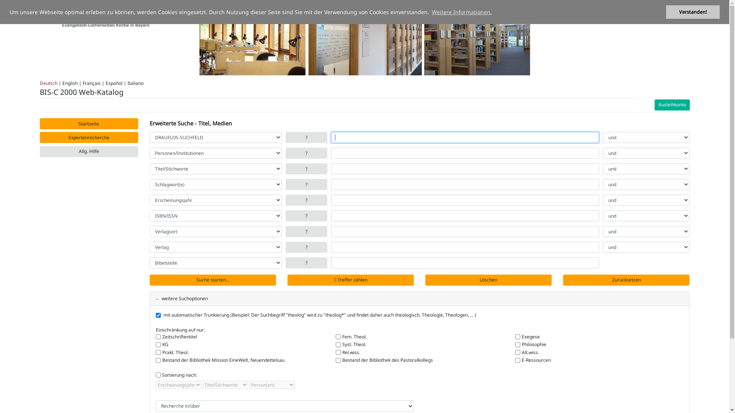 This screenshot has width=735, height=413. What do you see at coordinates (306, 168) in the screenshot?
I see `'Hilfe zu diesem Suchaspekt'` at bounding box center [306, 168].